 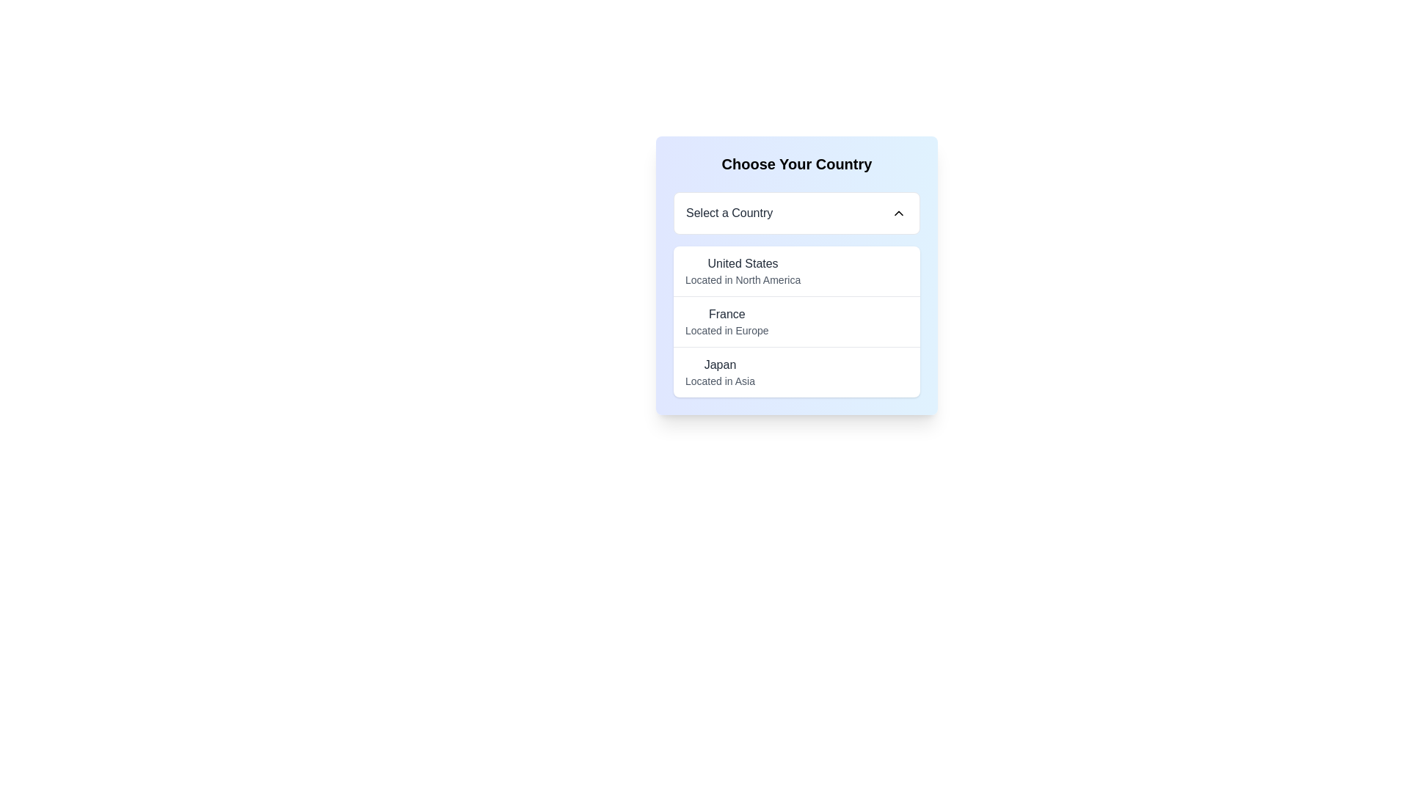 What do you see at coordinates (720, 381) in the screenshot?
I see `the static text element displaying 'Located in Asia', which is positioned directly under 'Japan' and styled in small gray font` at bounding box center [720, 381].